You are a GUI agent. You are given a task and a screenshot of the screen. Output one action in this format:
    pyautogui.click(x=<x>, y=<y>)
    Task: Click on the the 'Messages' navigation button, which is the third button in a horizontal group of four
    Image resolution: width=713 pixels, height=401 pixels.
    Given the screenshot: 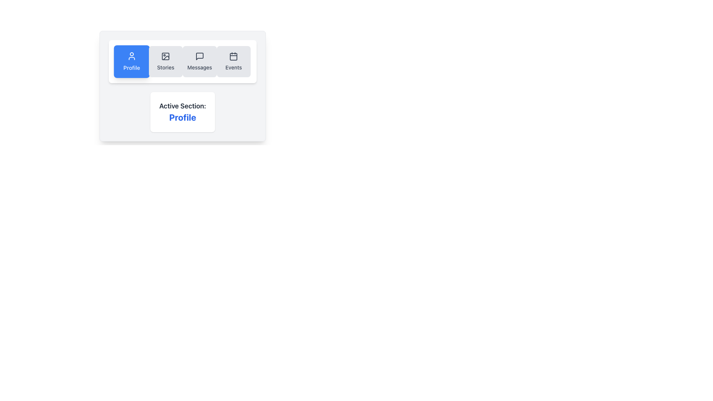 What is the action you would take?
    pyautogui.click(x=199, y=61)
    